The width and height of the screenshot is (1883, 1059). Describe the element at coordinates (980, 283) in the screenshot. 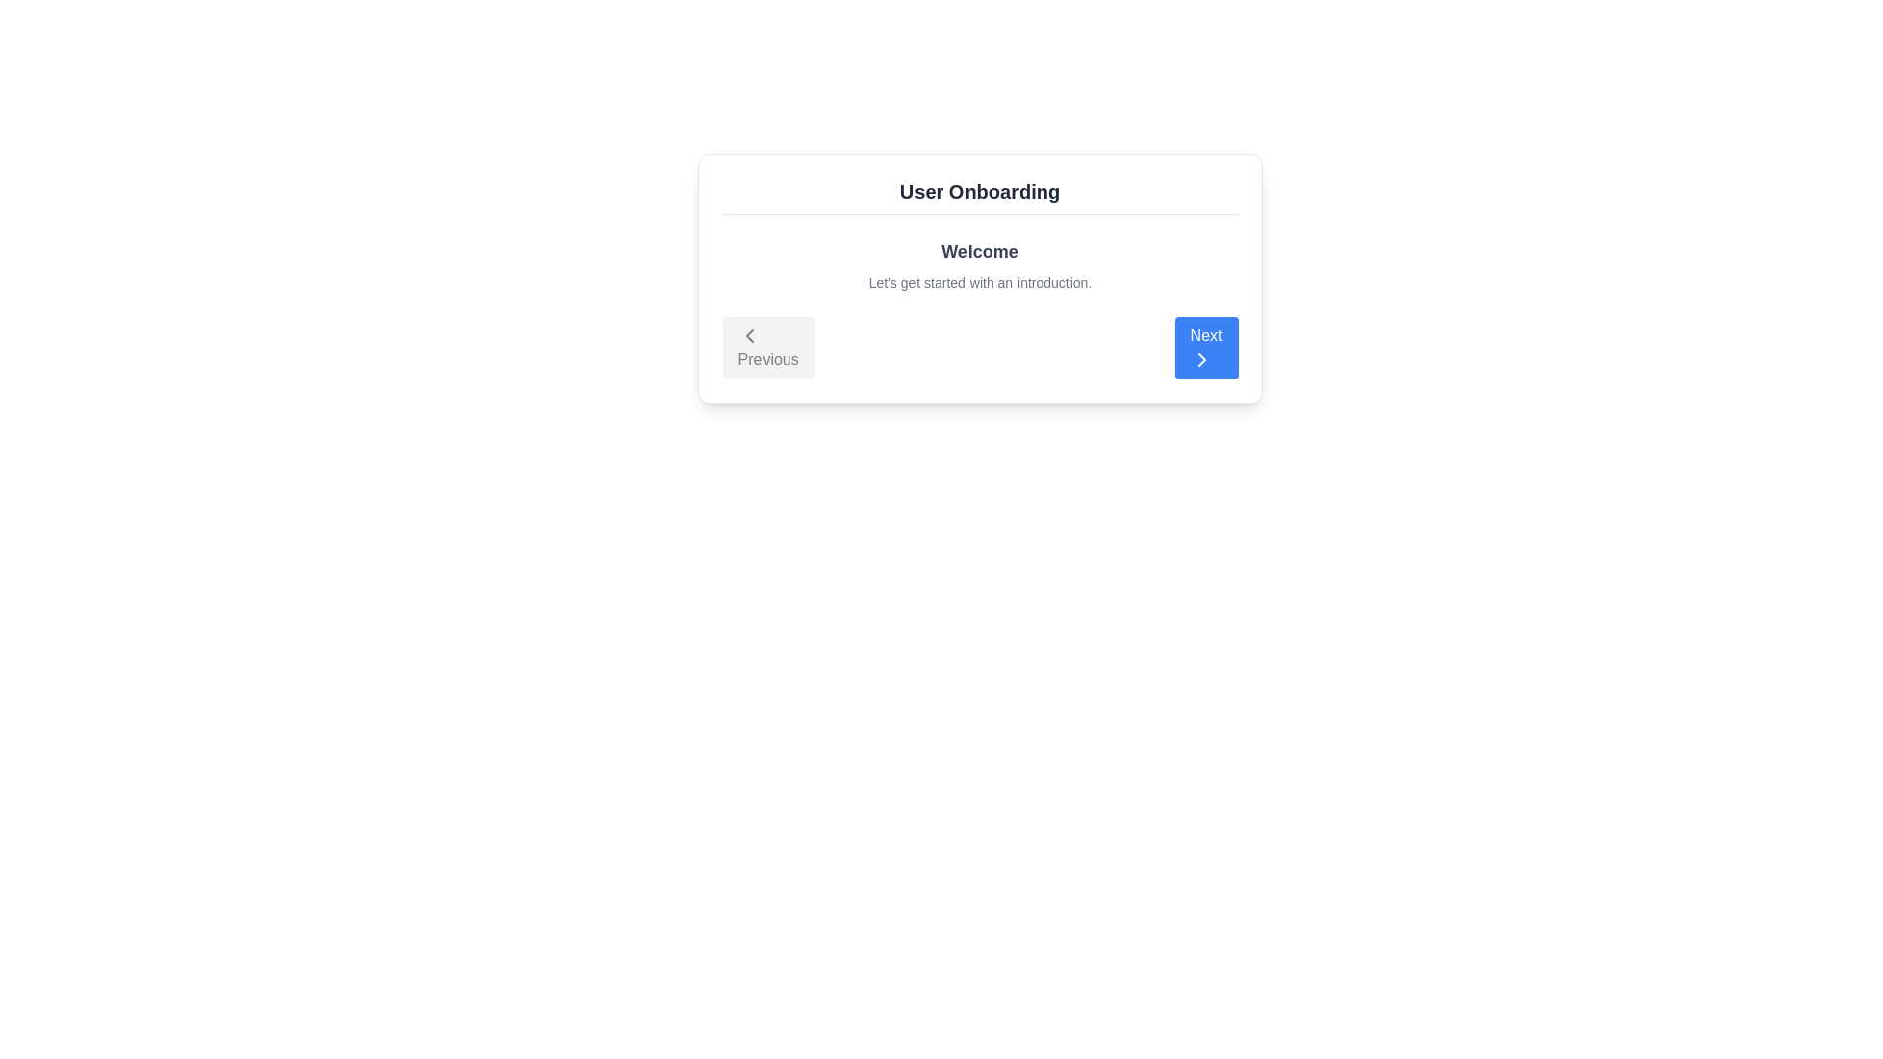

I see `the Text Display element located directly below the heading 'Welcome' in the central content panel of the onboarding page` at that location.